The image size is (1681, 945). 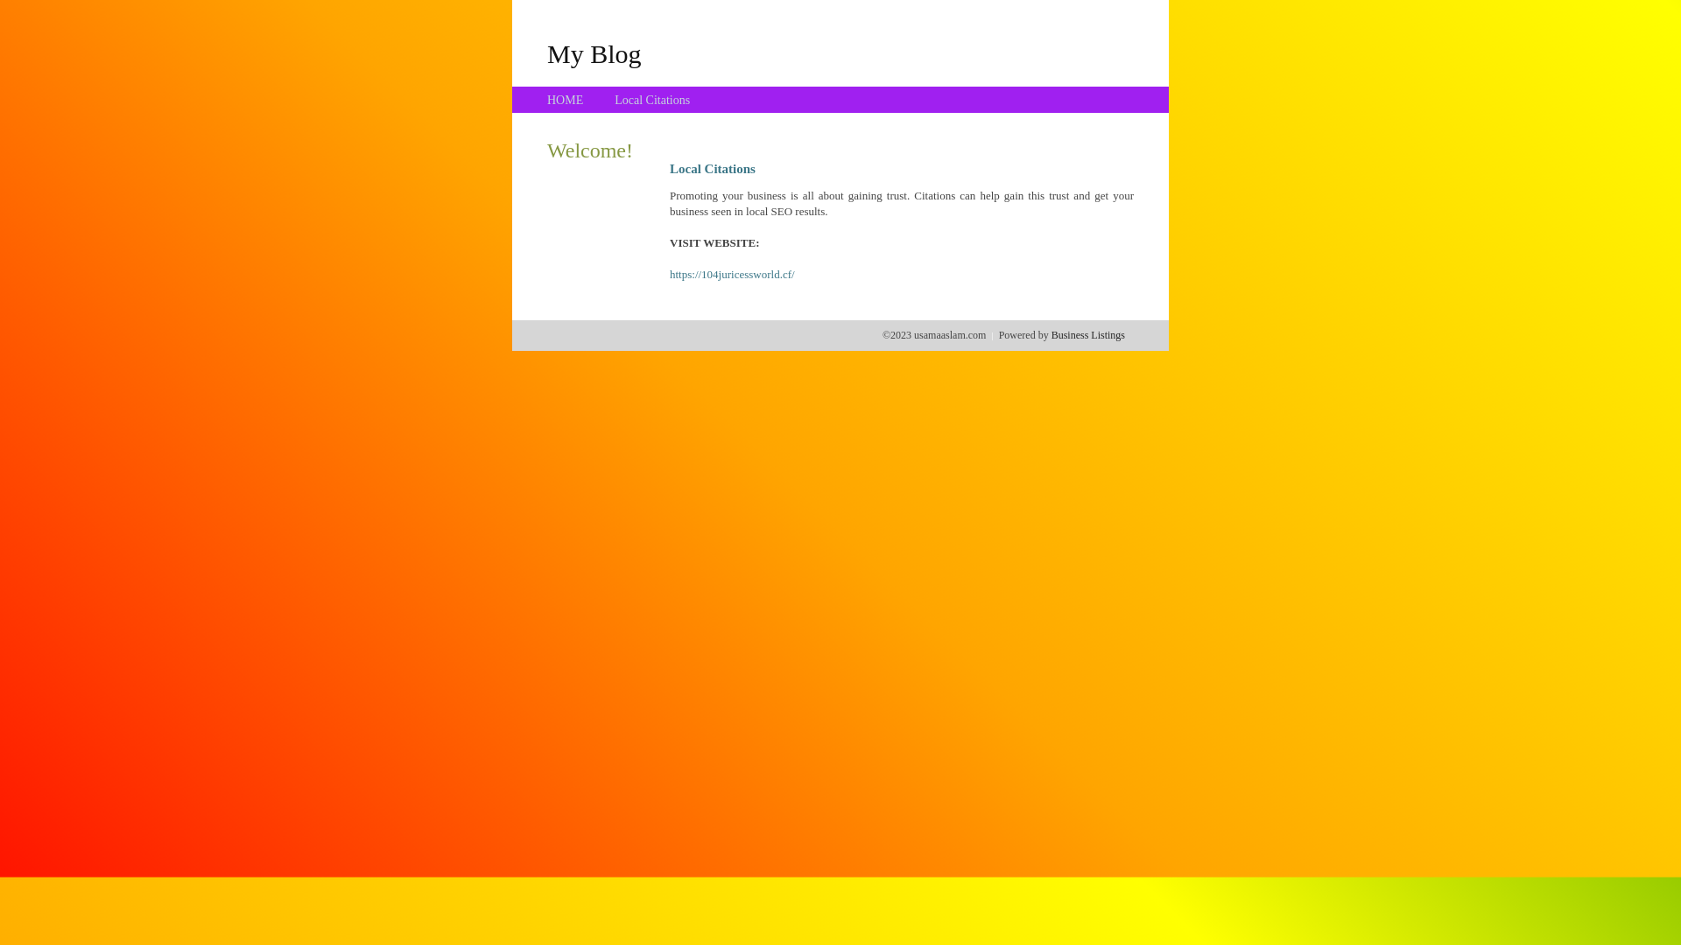 What do you see at coordinates (594, 52) in the screenshot?
I see `'My Blog'` at bounding box center [594, 52].